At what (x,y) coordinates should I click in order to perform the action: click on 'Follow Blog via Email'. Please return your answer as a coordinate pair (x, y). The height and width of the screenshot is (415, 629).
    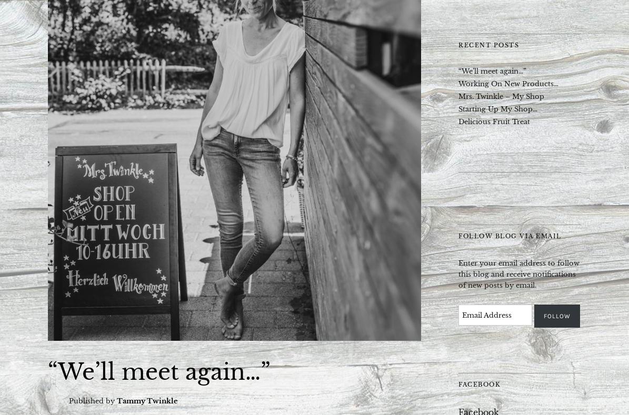
    Looking at the image, I should click on (458, 235).